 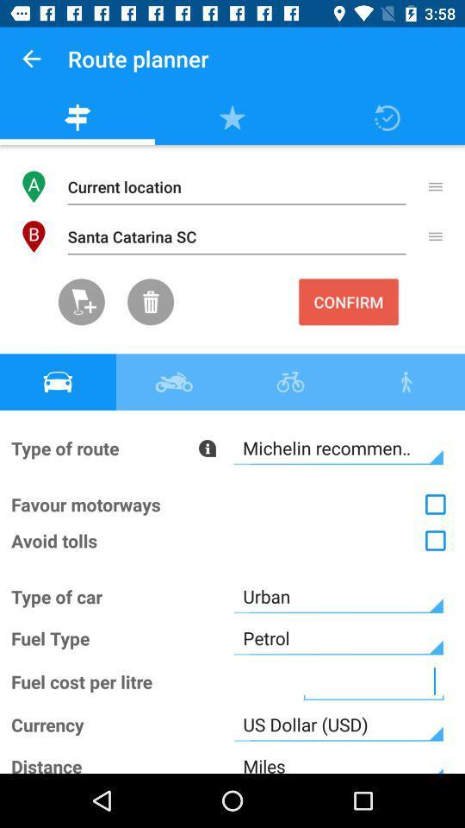 What do you see at coordinates (151, 302) in the screenshot?
I see `the delete icon` at bounding box center [151, 302].